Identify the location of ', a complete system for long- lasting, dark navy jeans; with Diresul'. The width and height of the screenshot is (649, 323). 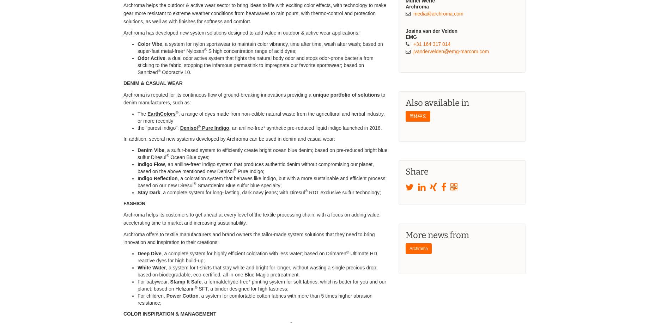
(232, 192).